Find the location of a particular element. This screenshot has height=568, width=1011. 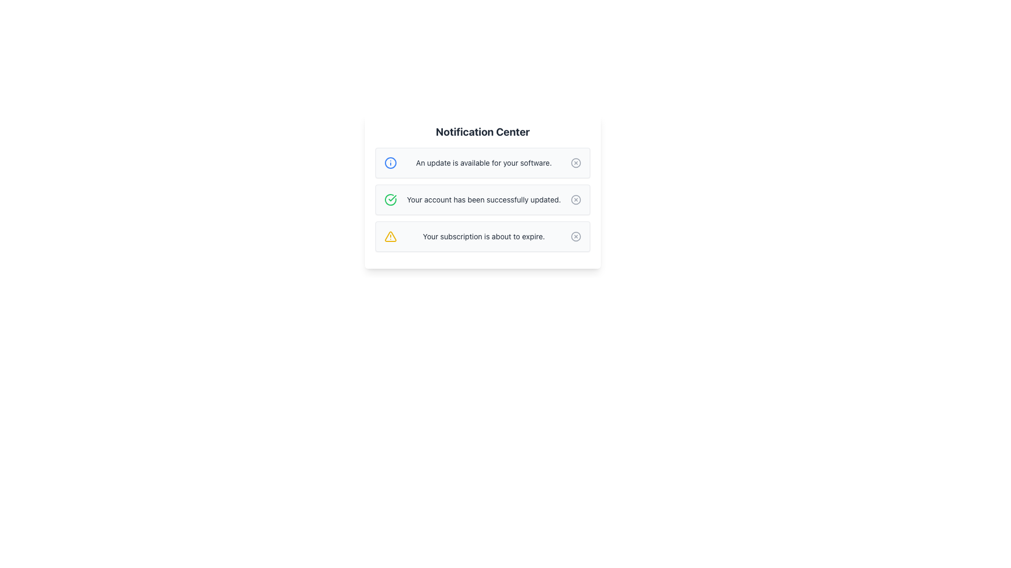

the warning icon in the third notification box of the Notification Center, which indicates an expiring subscription is located at coordinates (390, 237).